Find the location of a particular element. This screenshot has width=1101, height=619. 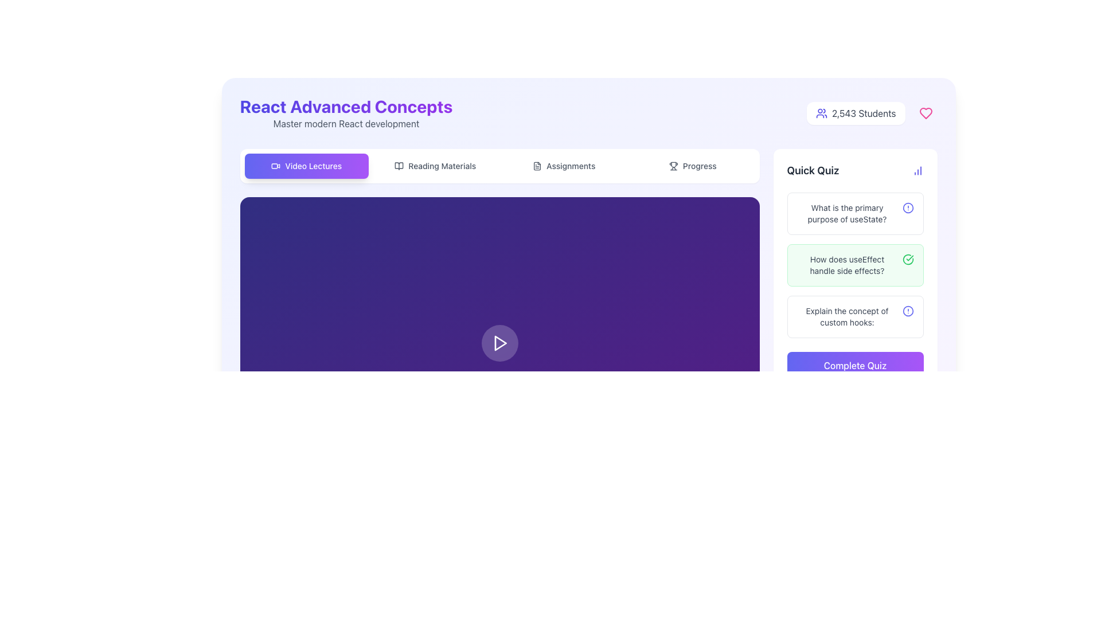

the group of people icon that represents '2,543 Students' located at the top right section of the interface is located at coordinates (821, 113).